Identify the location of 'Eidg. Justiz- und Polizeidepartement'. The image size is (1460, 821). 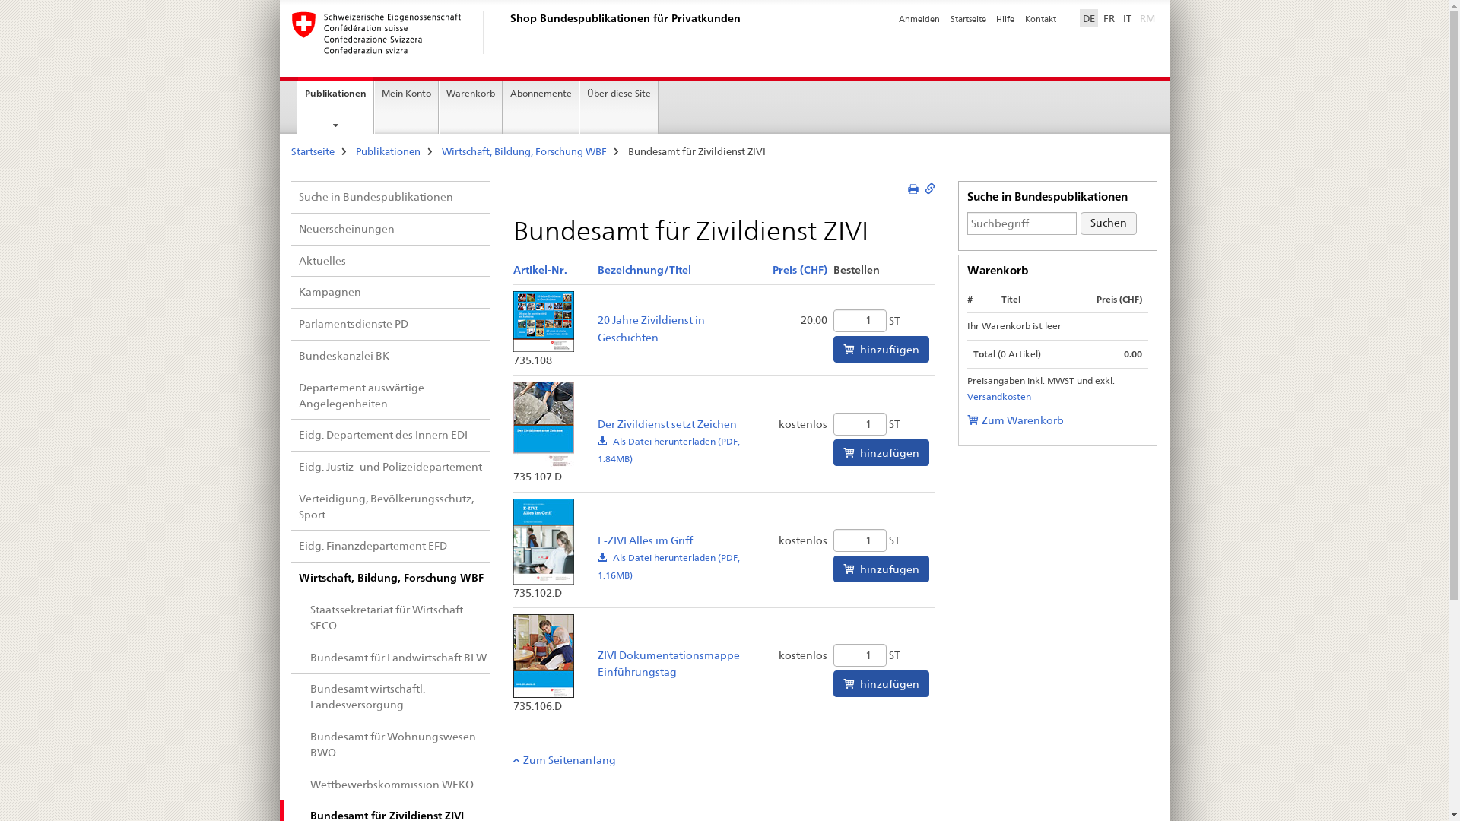
(390, 466).